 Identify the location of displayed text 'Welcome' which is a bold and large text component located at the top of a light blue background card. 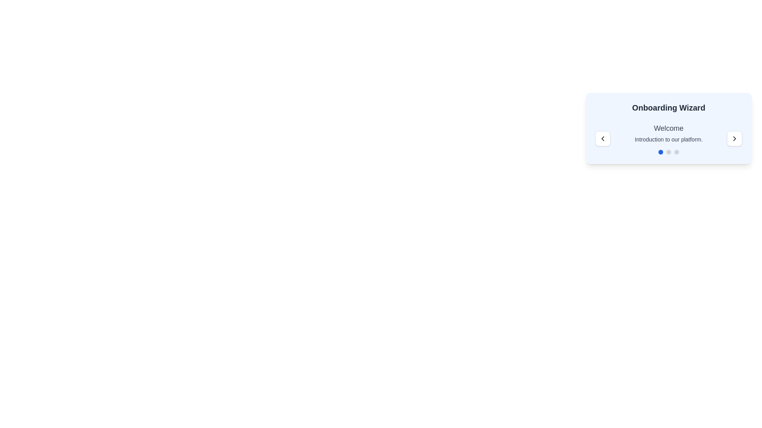
(668, 128).